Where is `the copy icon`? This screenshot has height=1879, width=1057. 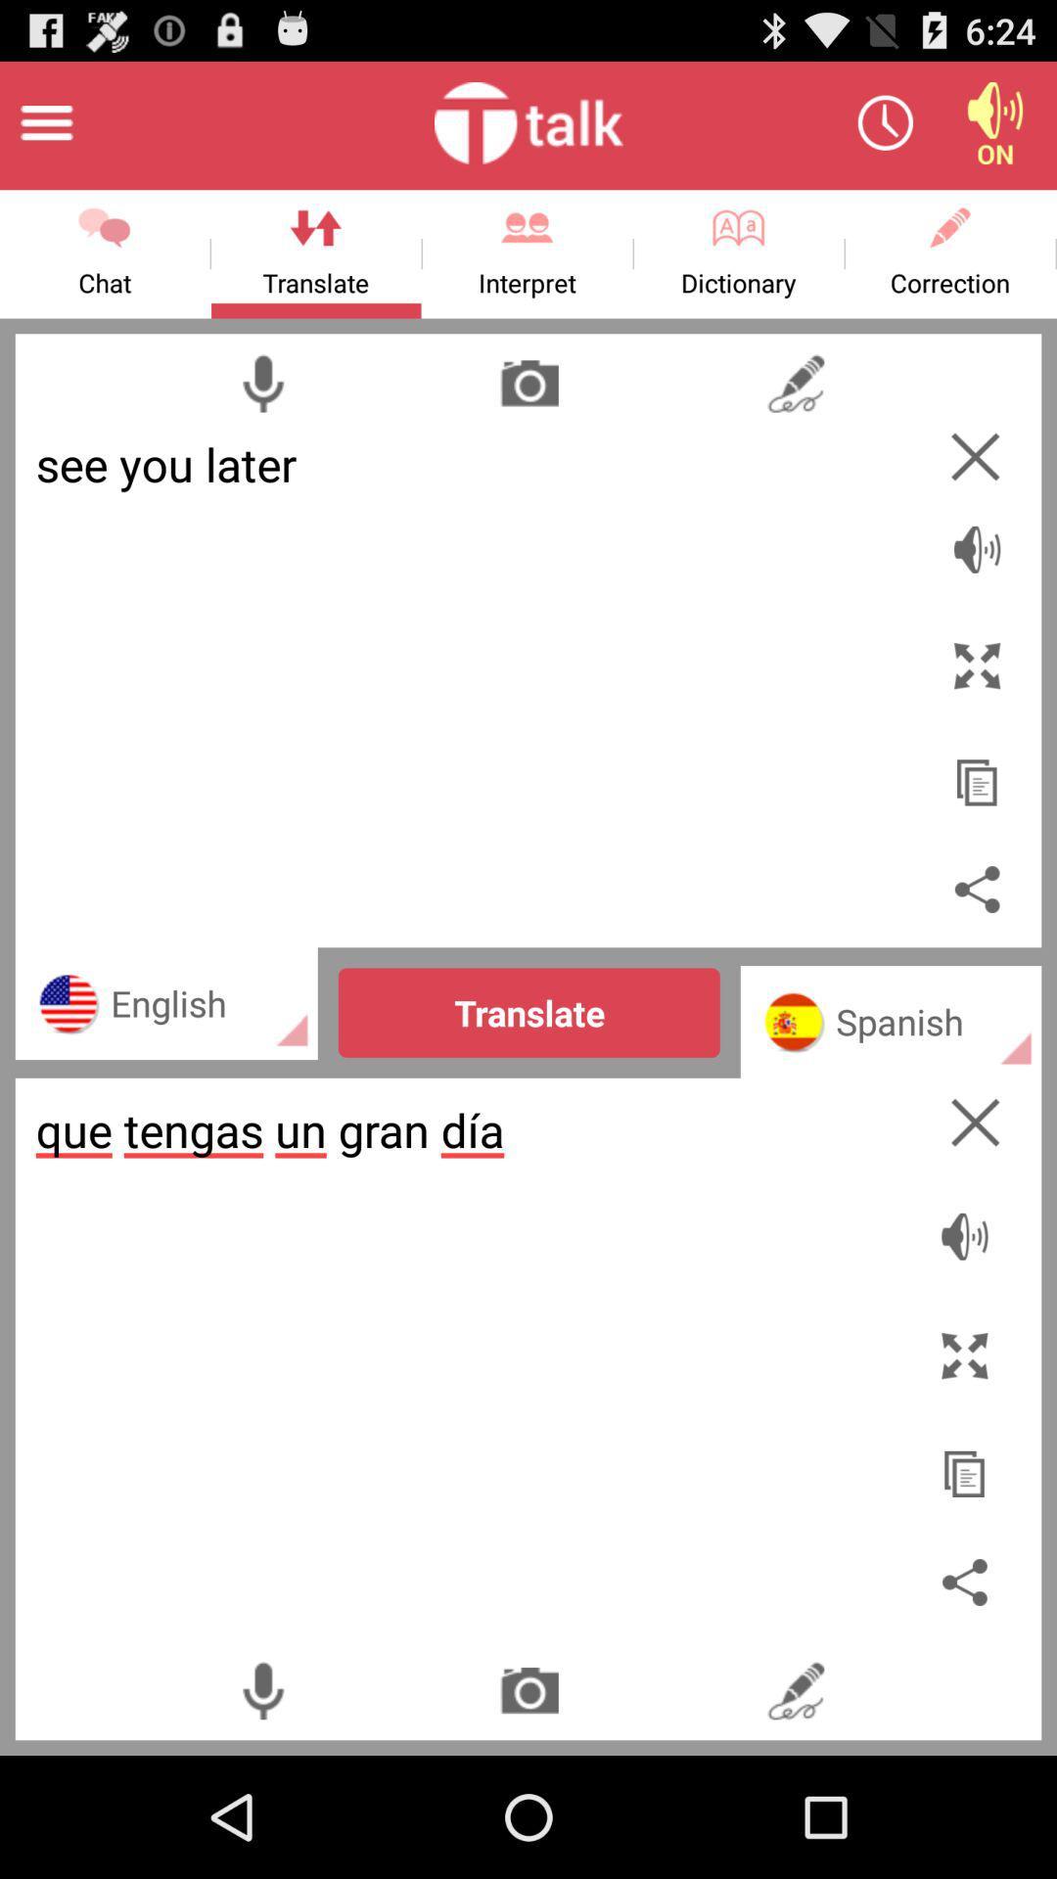
the copy icon is located at coordinates (977, 826).